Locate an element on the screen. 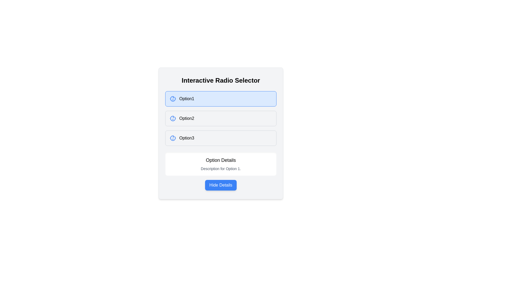 The image size is (510, 287). the text label displaying 'Description for Option 1.', which is styled in gray and located below the 'Option Details' header is located at coordinates (221, 169).